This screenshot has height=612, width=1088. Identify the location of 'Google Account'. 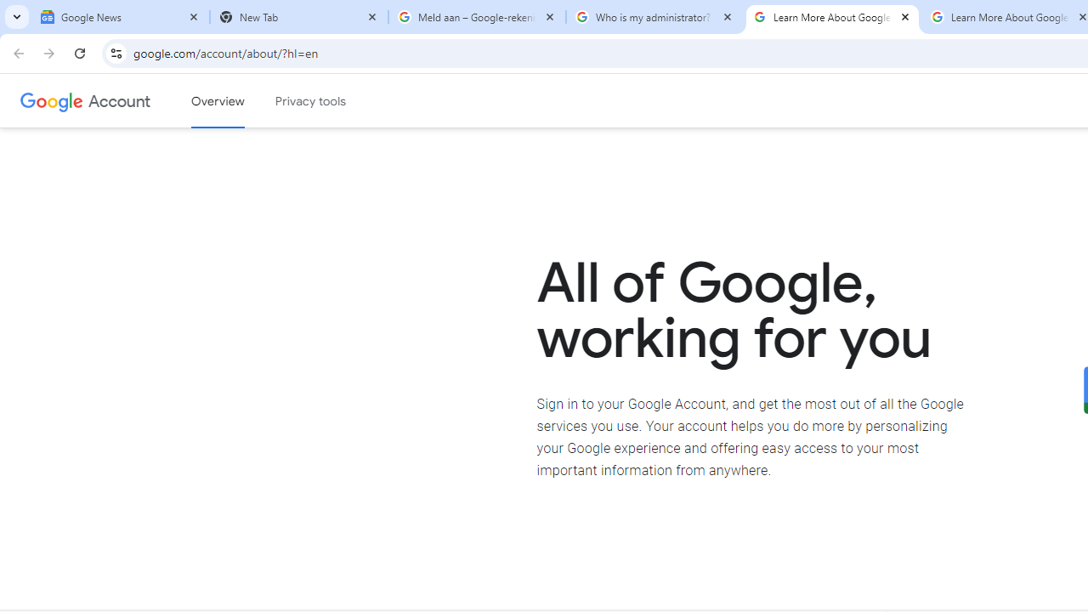
(118, 100).